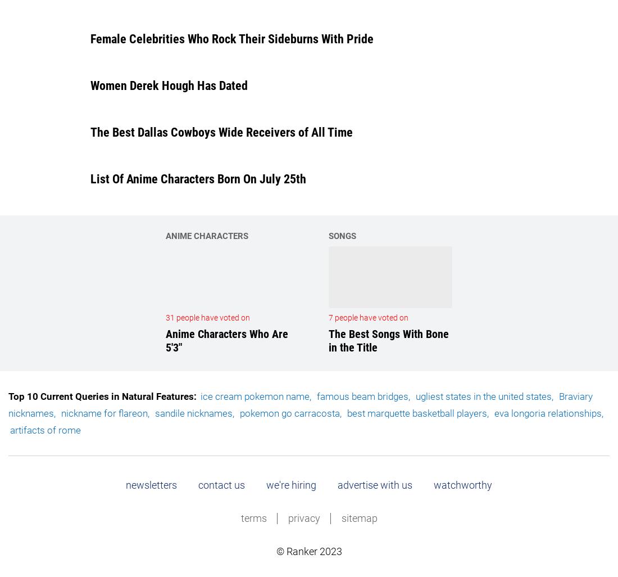 This screenshot has height=577, width=618. What do you see at coordinates (165, 340) in the screenshot?
I see `'Anime Characters Who Are 5'3"'` at bounding box center [165, 340].